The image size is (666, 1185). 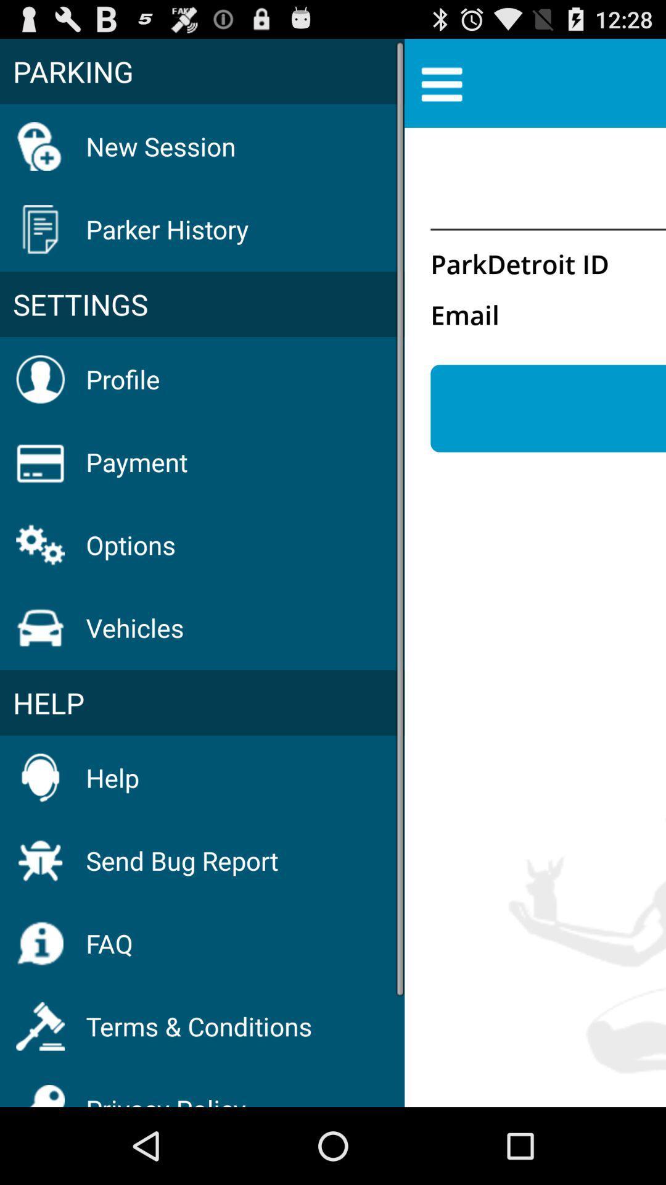 What do you see at coordinates (202, 304) in the screenshot?
I see `icon to the left of the parkdetroit id item` at bounding box center [202, 304].